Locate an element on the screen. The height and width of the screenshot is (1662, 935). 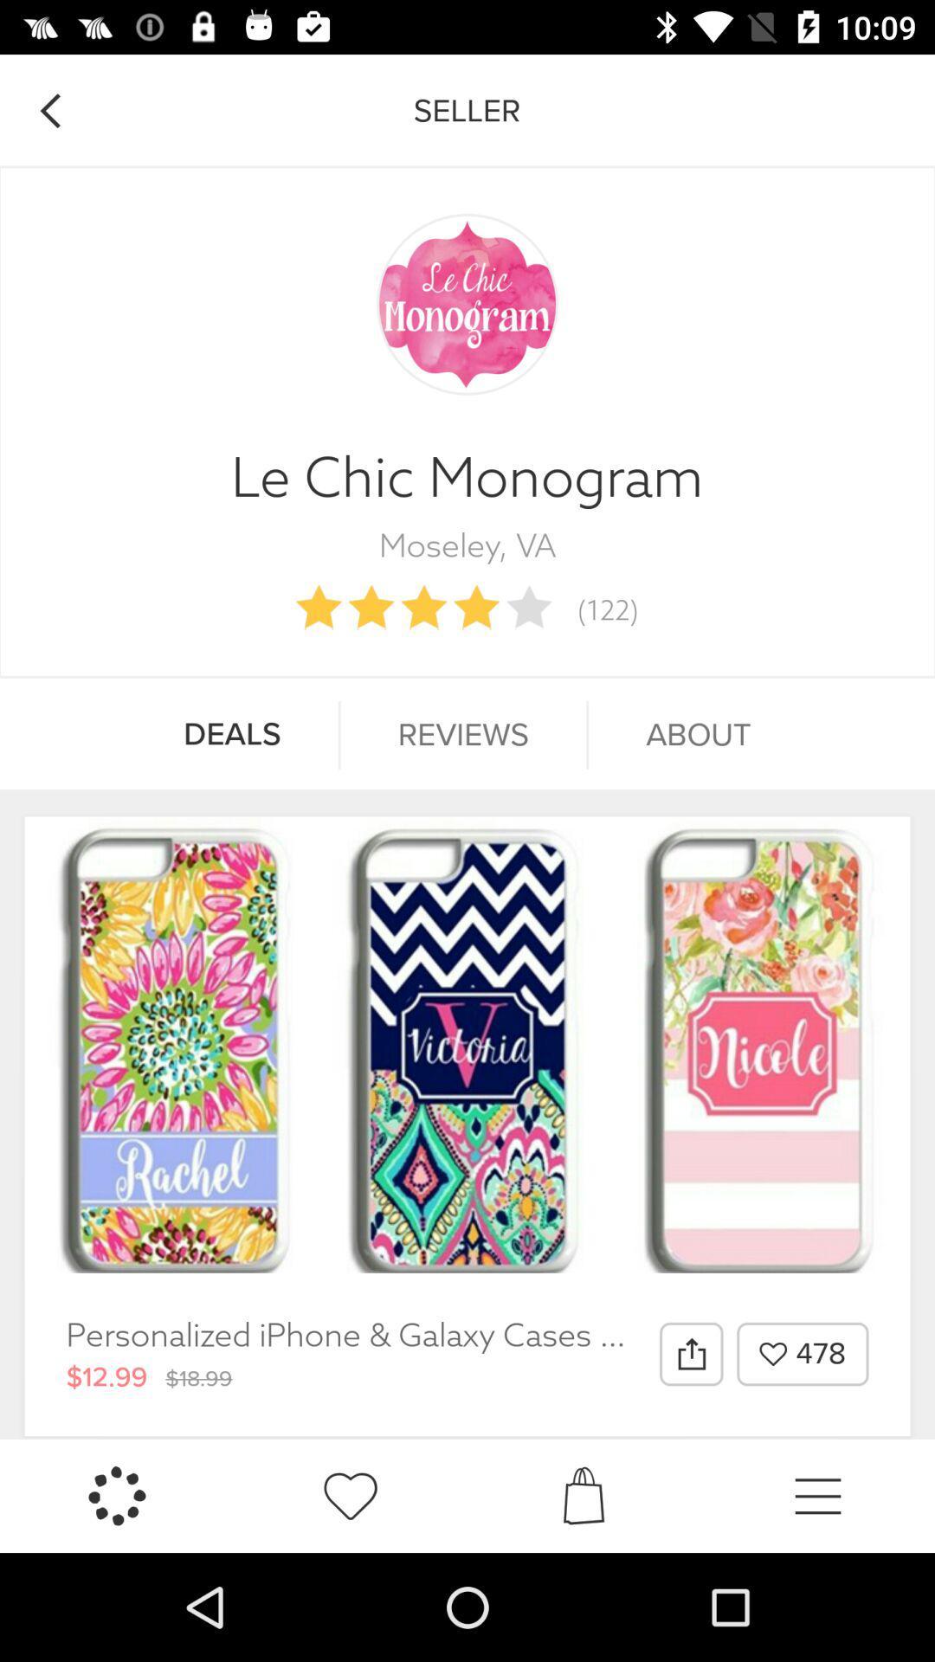
icon at the top left corner is located at coordinates (48, 110).